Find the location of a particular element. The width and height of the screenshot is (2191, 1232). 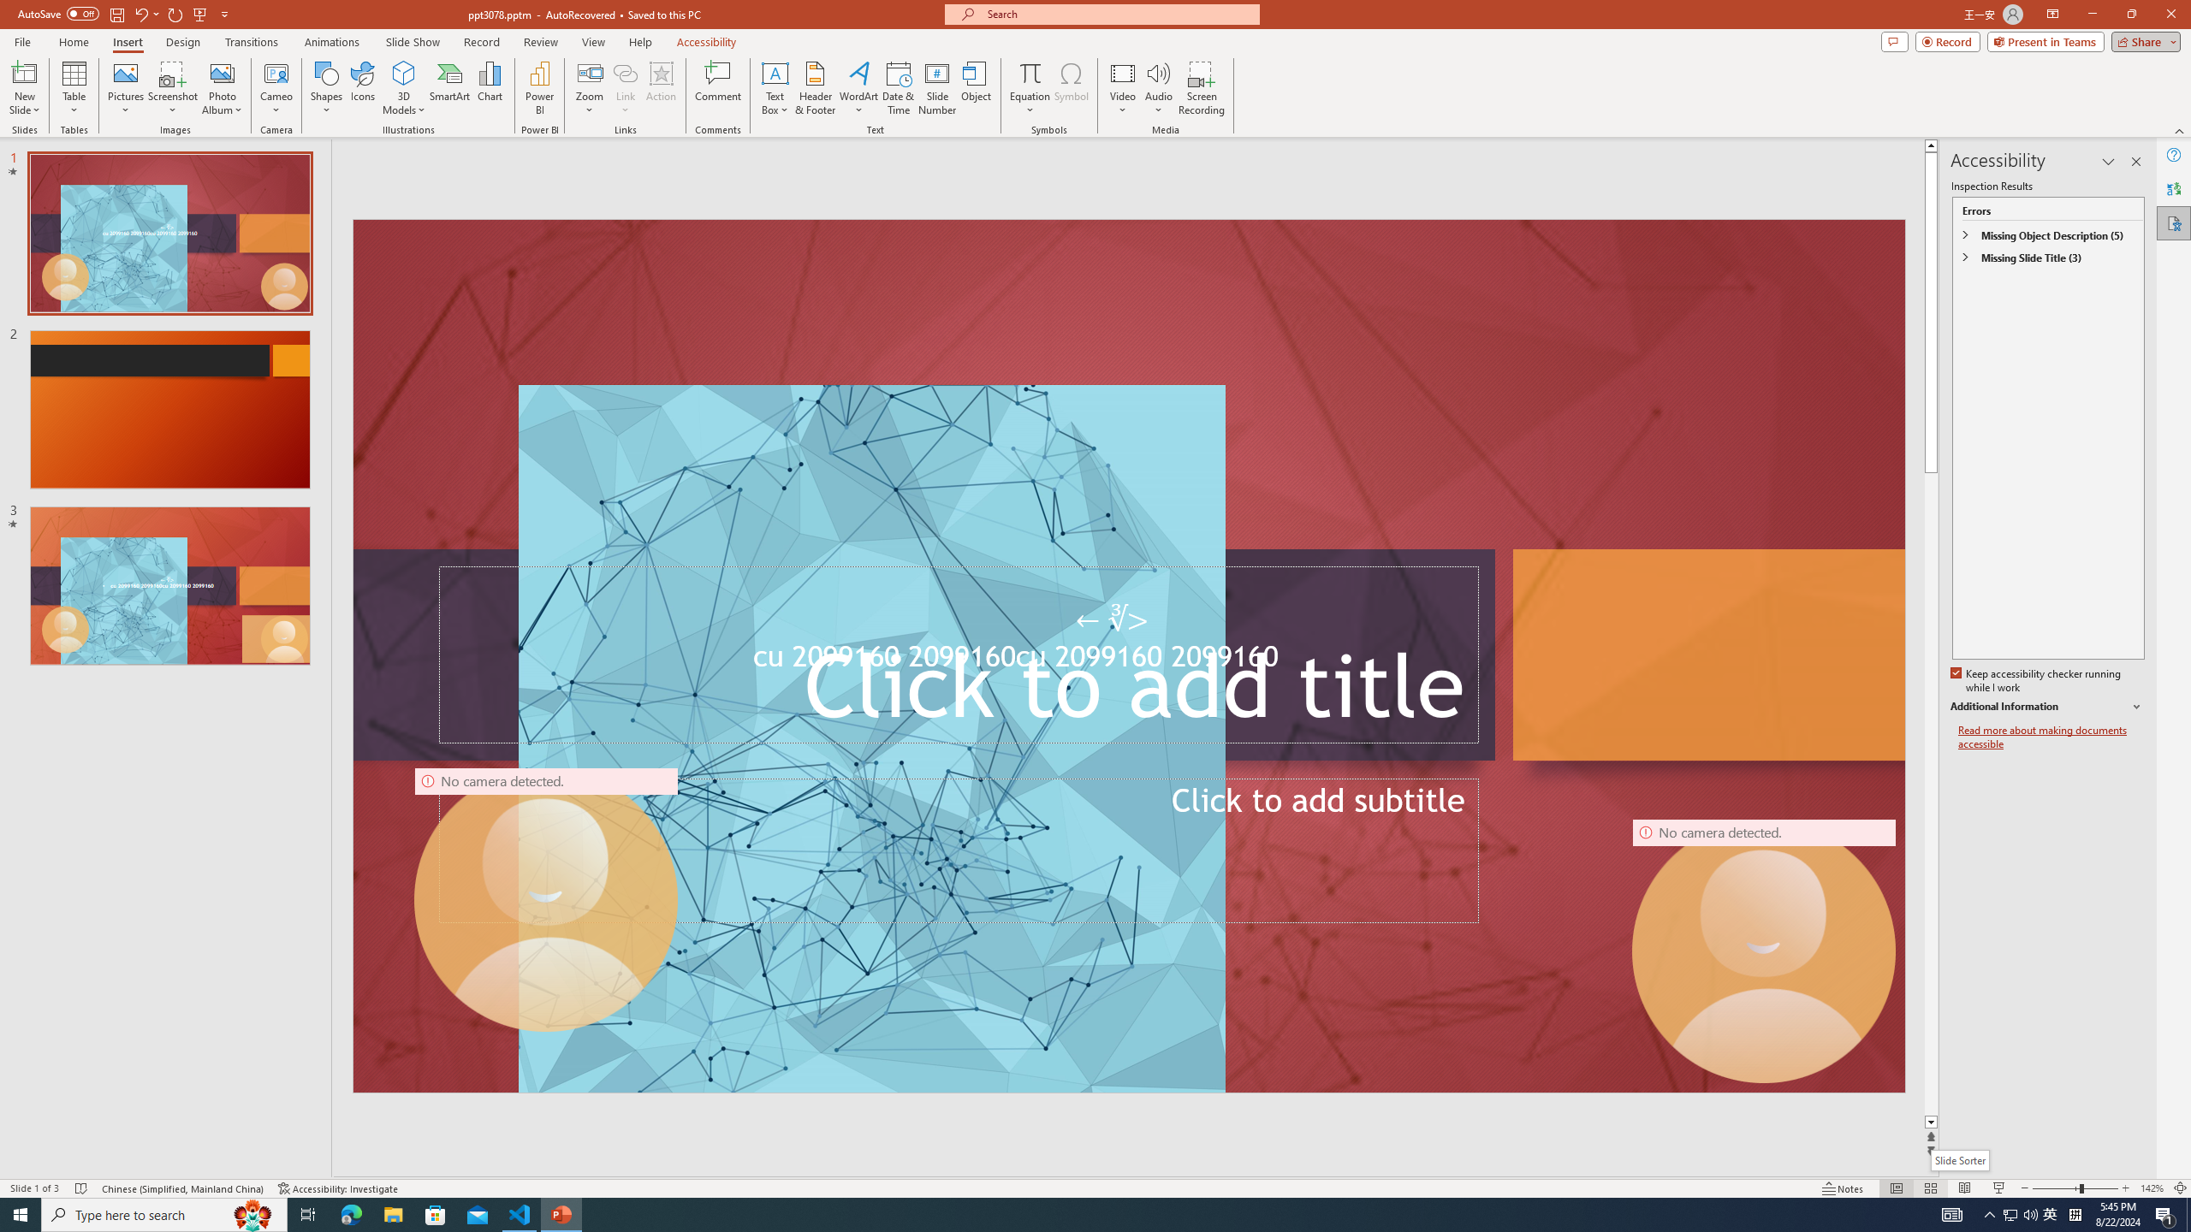

'Symbol...' is located at coordinates (1071, 88).